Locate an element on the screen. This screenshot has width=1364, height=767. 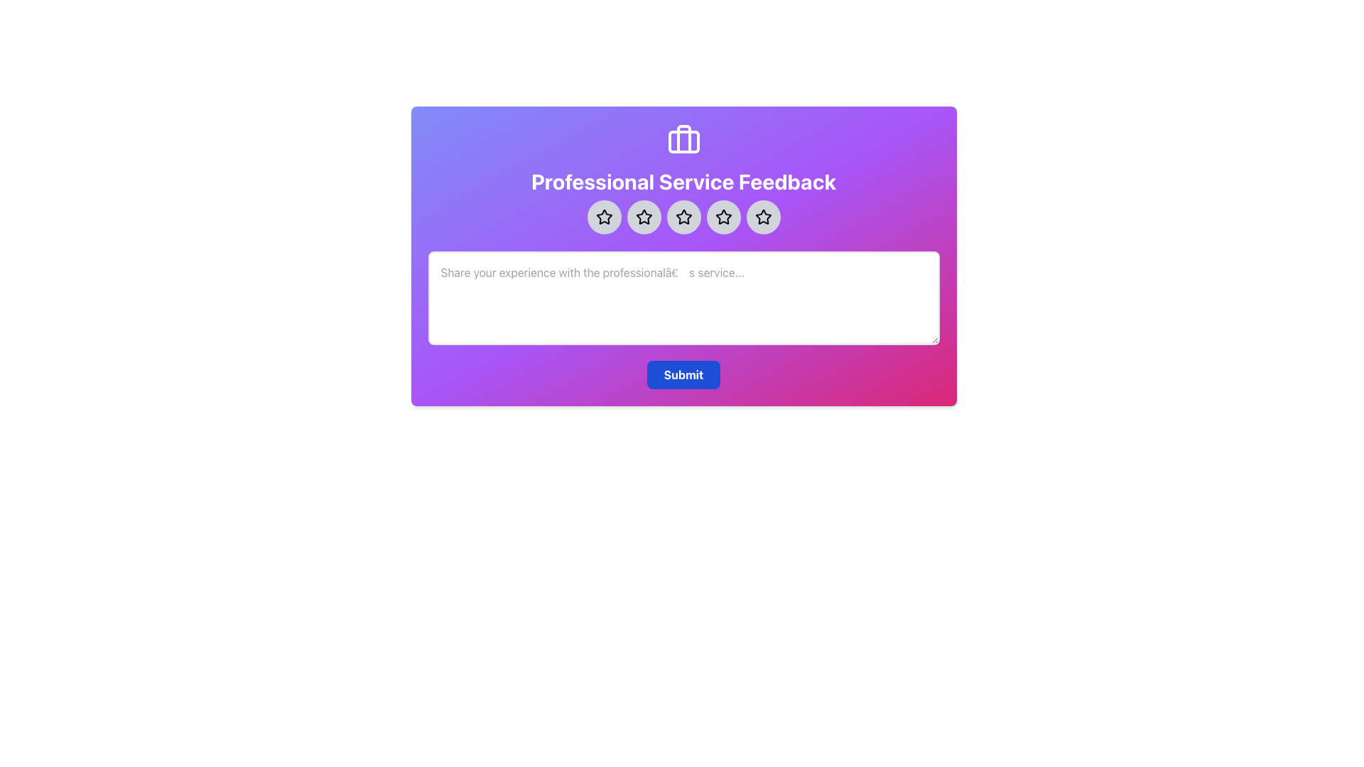
the fifth star rating button located below the title 'Professional Service Feedback' is located at coordinates (723, 217).